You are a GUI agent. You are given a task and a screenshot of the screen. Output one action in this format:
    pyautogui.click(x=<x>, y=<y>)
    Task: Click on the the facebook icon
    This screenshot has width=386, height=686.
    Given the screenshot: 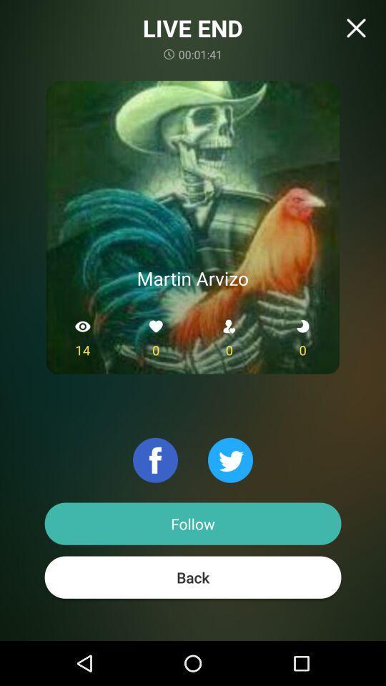 What is the action you would take?
    pyautogui.click(x=154, y=459)
    